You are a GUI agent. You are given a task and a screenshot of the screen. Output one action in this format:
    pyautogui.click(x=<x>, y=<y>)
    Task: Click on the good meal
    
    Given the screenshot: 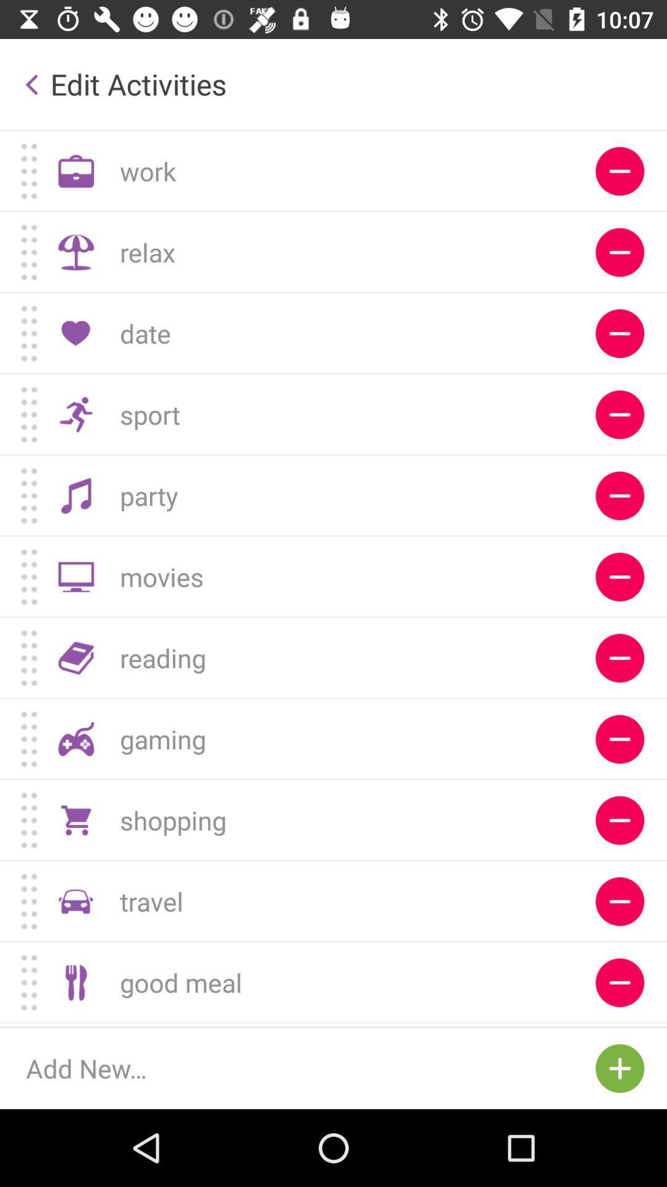 What is the action you would take?
    pyautogui.click(x=619, y=982)
    